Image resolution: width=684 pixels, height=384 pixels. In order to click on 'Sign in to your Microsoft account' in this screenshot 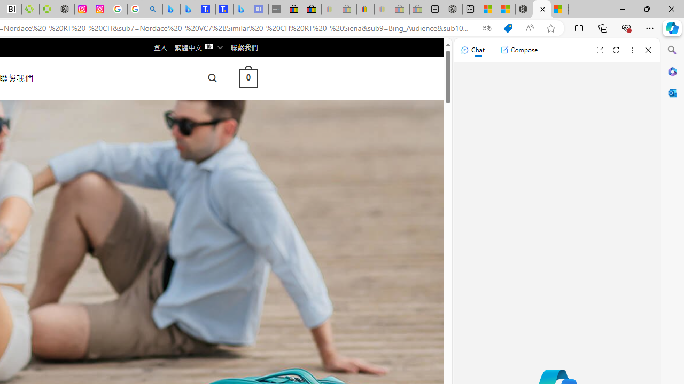, I will do `click(559, 9)`.